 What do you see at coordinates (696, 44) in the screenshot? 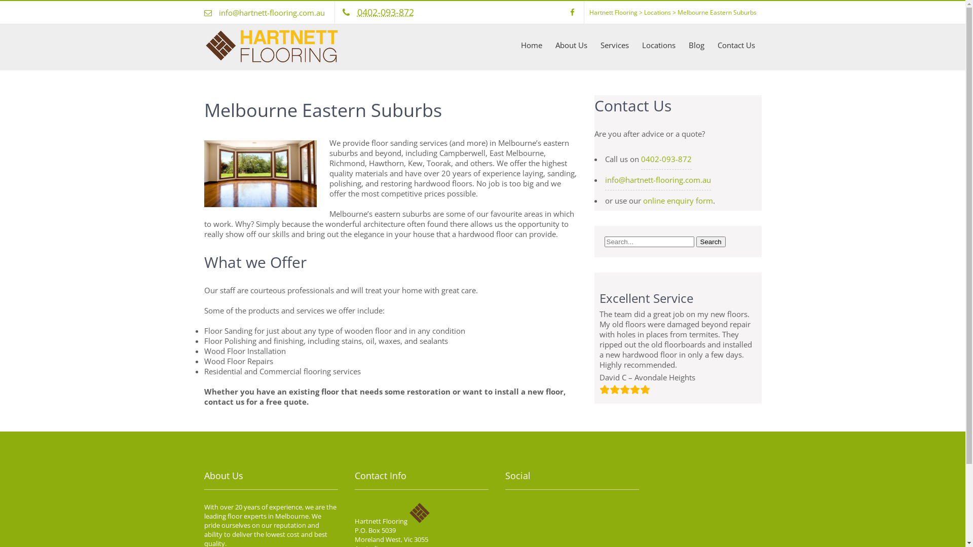
I see `'Blog'` at bounding box center [696, 44].